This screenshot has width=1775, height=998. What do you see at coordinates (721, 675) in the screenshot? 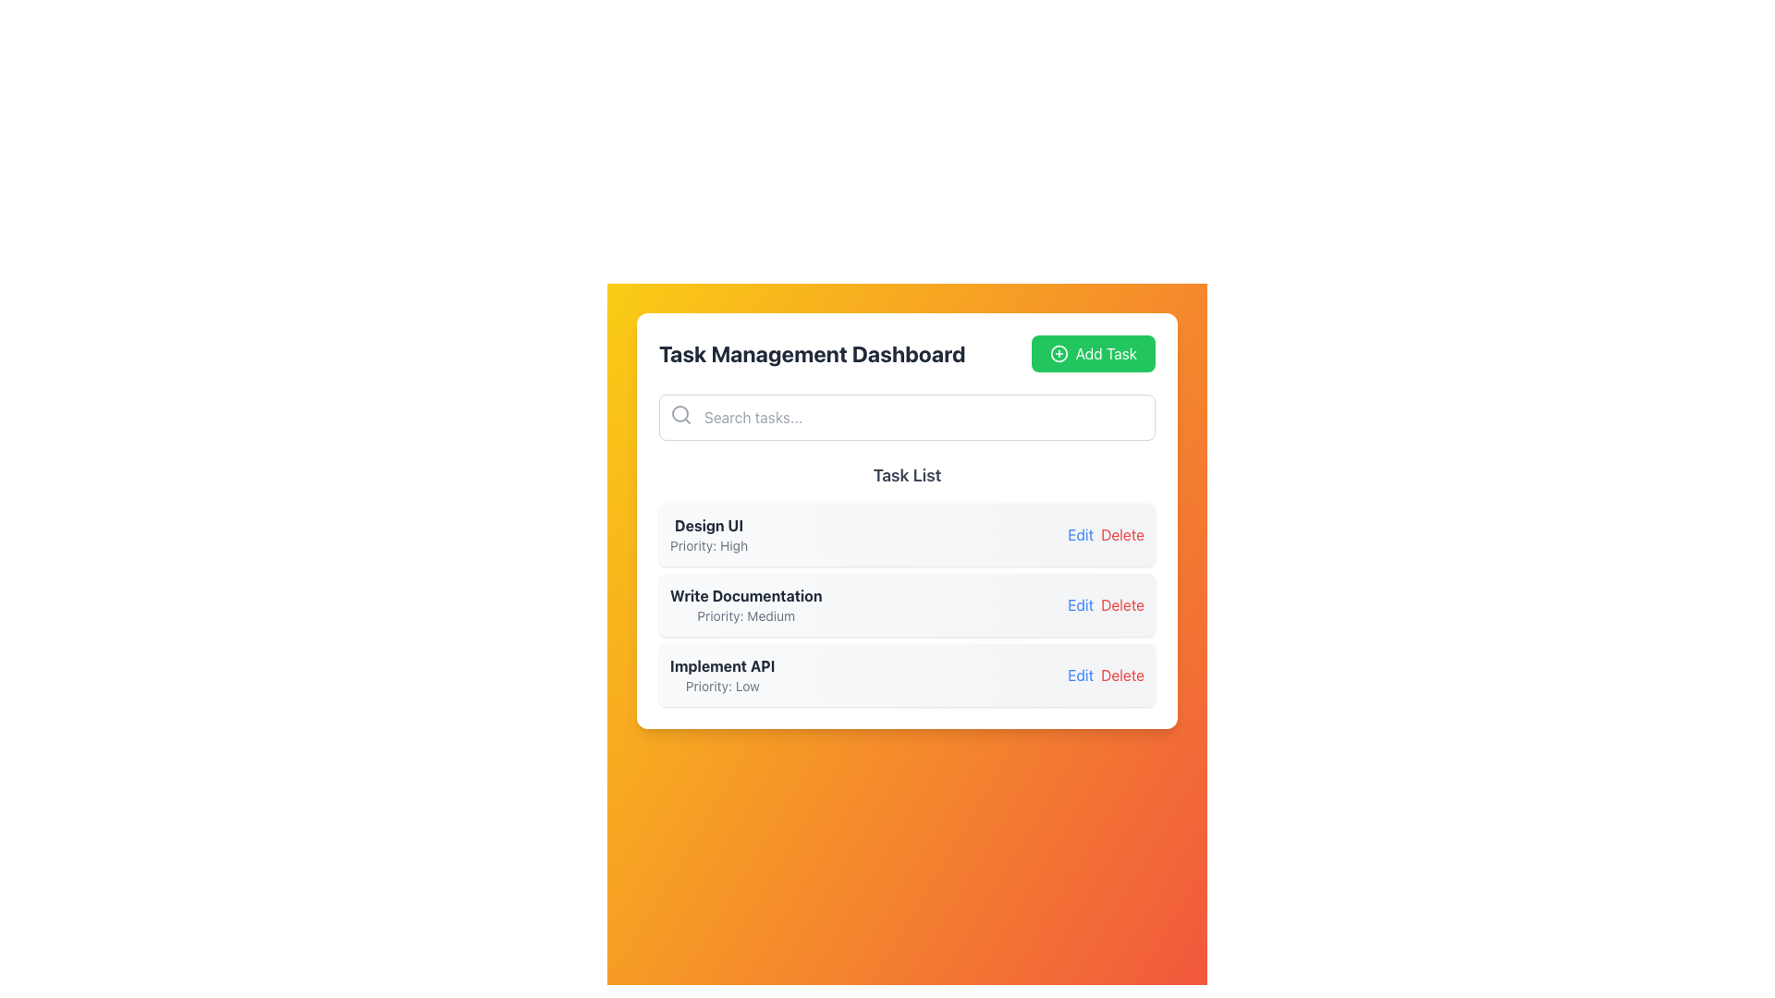
I see `the text label that indicates the task titled 'Implement API' with a priority status of 'Low' located in the third row of the task list area` at bounding box center [721, 675].